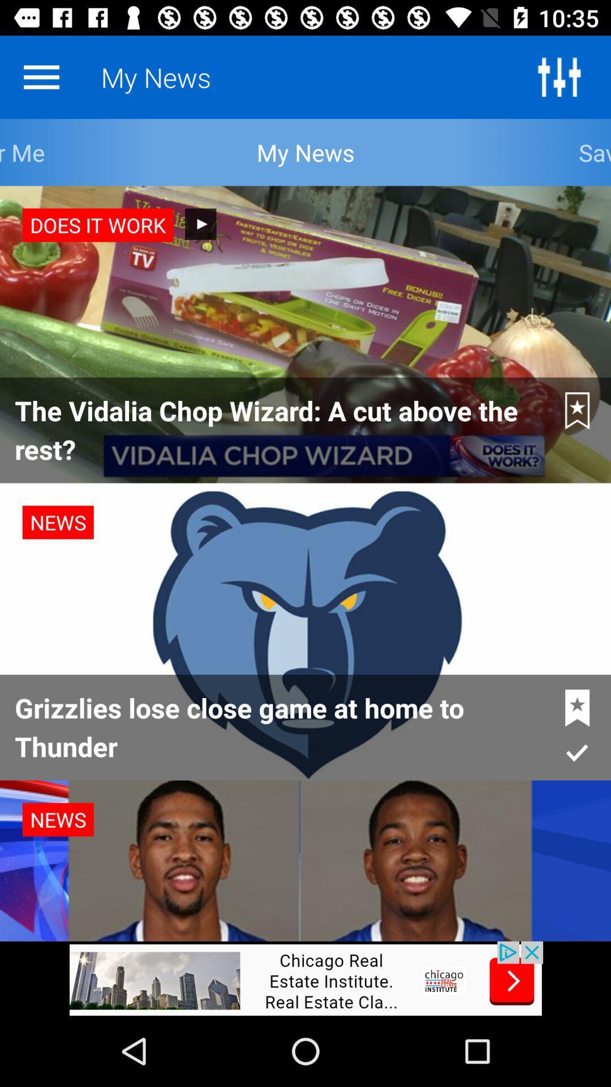 The width and height of the screenshot is (611, 1087). Describe the element at coordinates (558, 76) in the screenshot. I see `the sliders icon` at that location.